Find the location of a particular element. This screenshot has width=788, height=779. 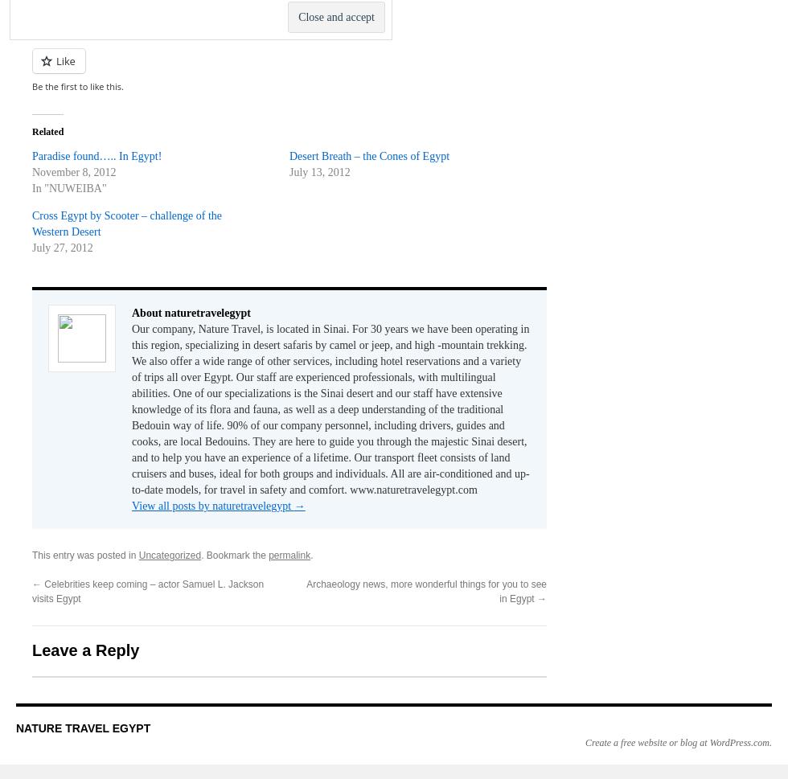

'LinkedIn' is located at coordinates (79, 13).